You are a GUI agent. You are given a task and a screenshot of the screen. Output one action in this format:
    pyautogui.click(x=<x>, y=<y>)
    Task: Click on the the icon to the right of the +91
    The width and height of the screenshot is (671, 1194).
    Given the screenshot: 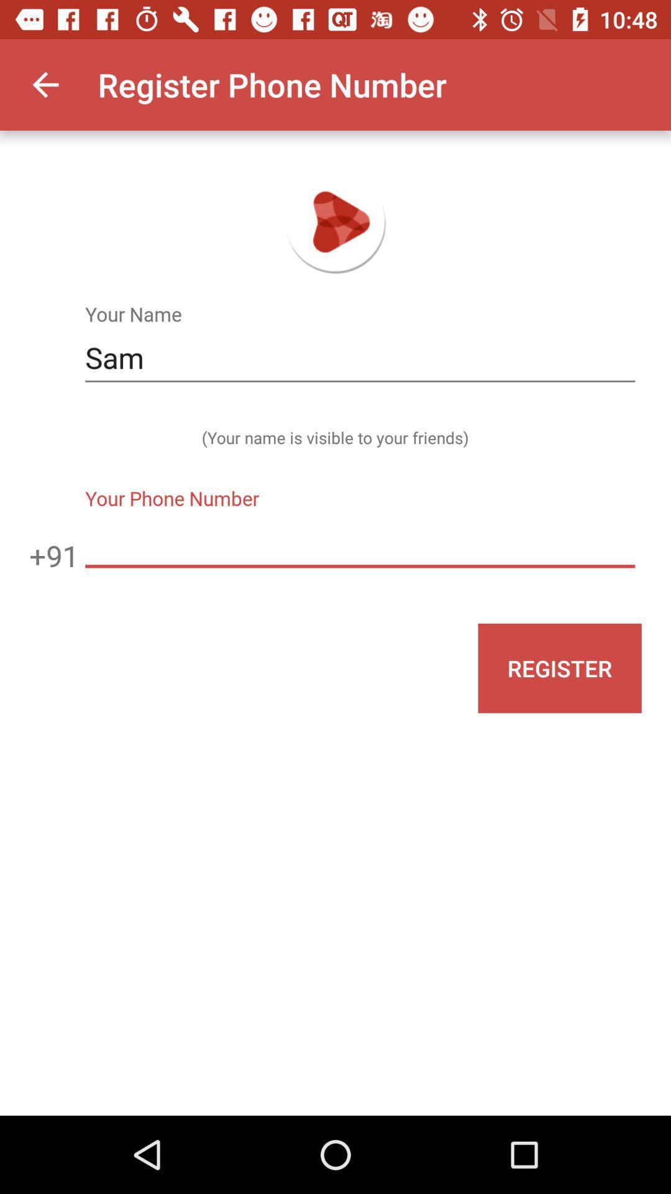 What is the action you would take?
    pyautogui.click(x=360, y=542)
    